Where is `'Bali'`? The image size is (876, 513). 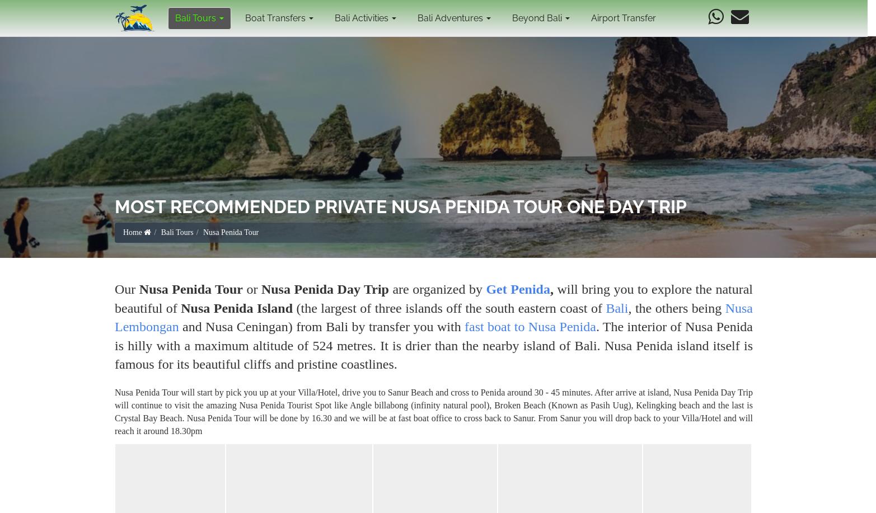 'Bali' is located at coordinates (617, 308).